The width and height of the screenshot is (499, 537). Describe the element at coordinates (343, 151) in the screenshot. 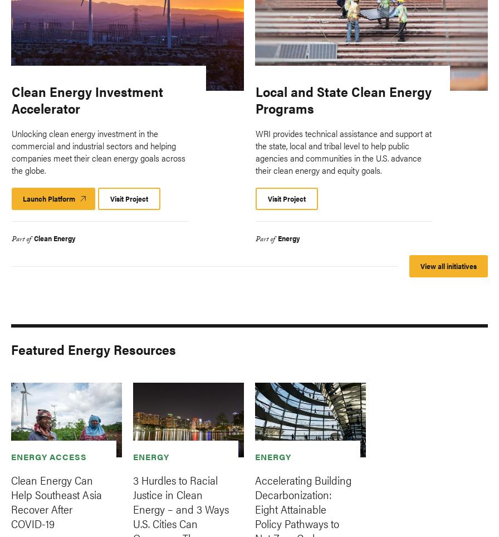

I see `'WRI provides technical assistance and support at the state, local and tribal level to help public agencies and communities in the U.S. advance their clean energy and equity goals.'` at that location.